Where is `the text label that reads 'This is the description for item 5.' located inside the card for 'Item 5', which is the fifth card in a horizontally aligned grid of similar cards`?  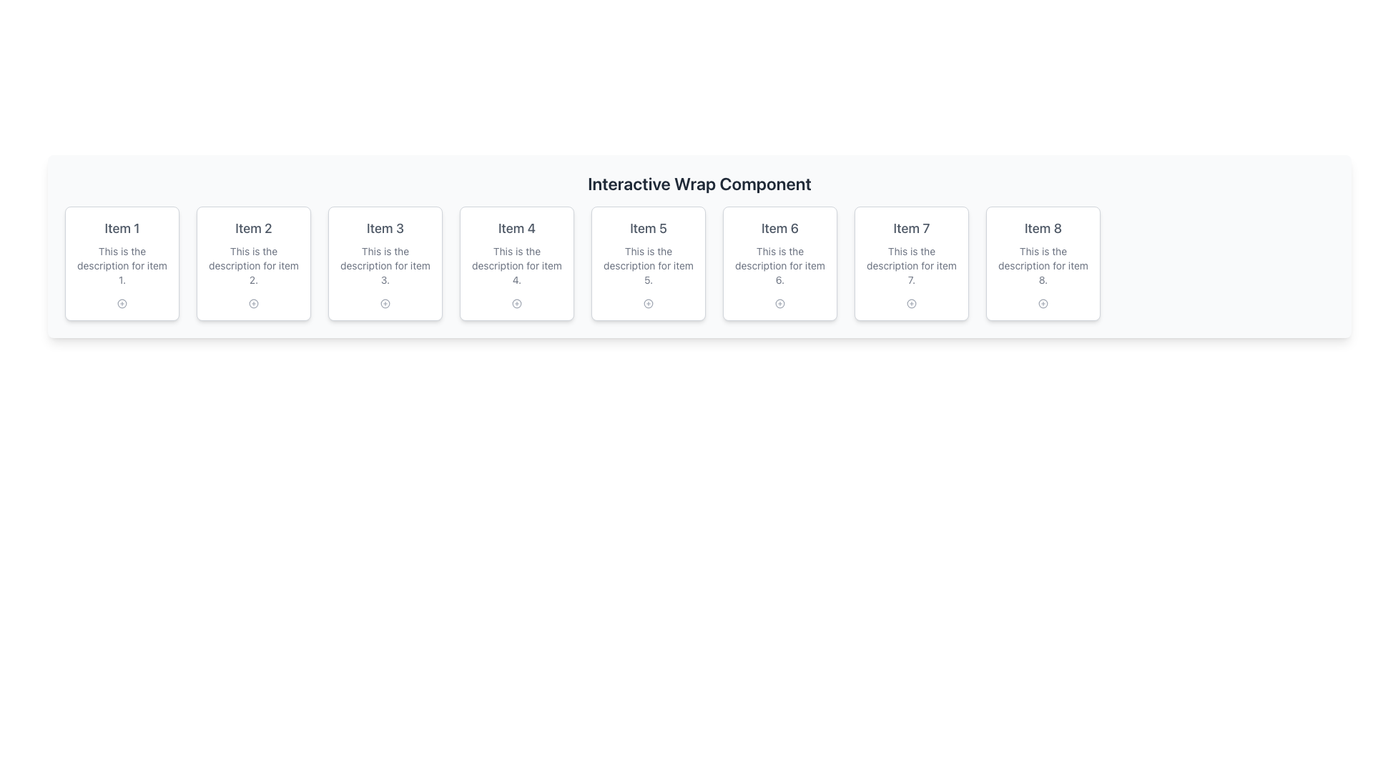 the text label that reads 'This is the description for item 5.' located inside the card for 'Item 5', which is the fifth card in a horizontally aligned grid of similar cards is located at coordinates (648, 265).